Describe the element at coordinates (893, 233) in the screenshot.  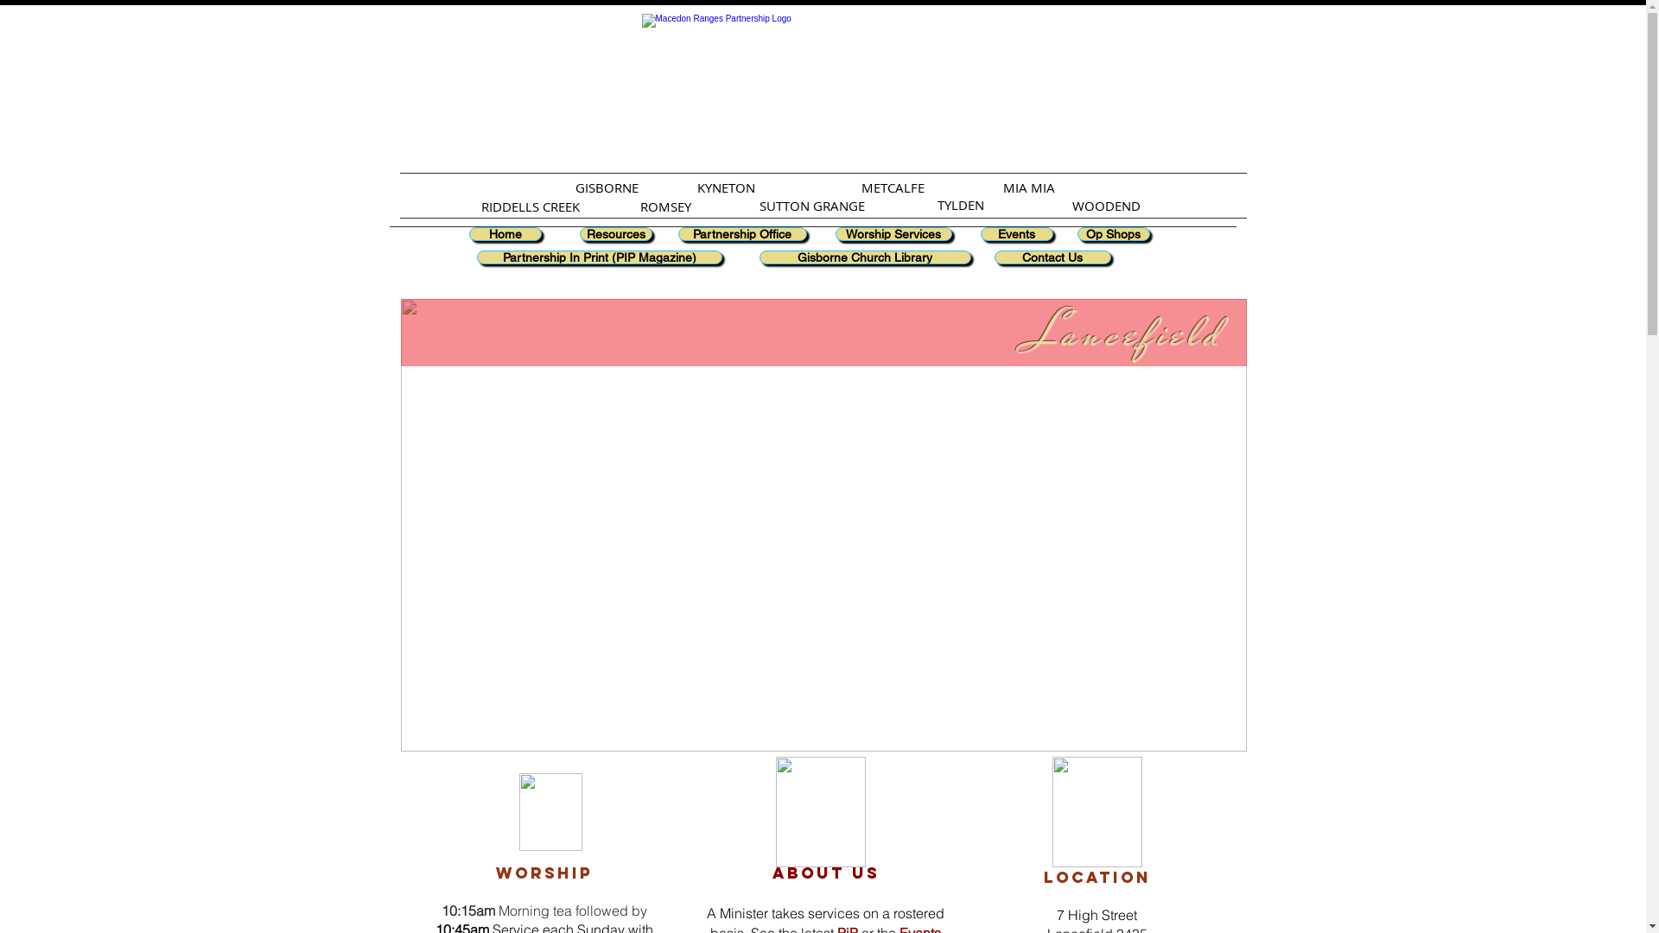
I see `'Worship Services'` at that location.